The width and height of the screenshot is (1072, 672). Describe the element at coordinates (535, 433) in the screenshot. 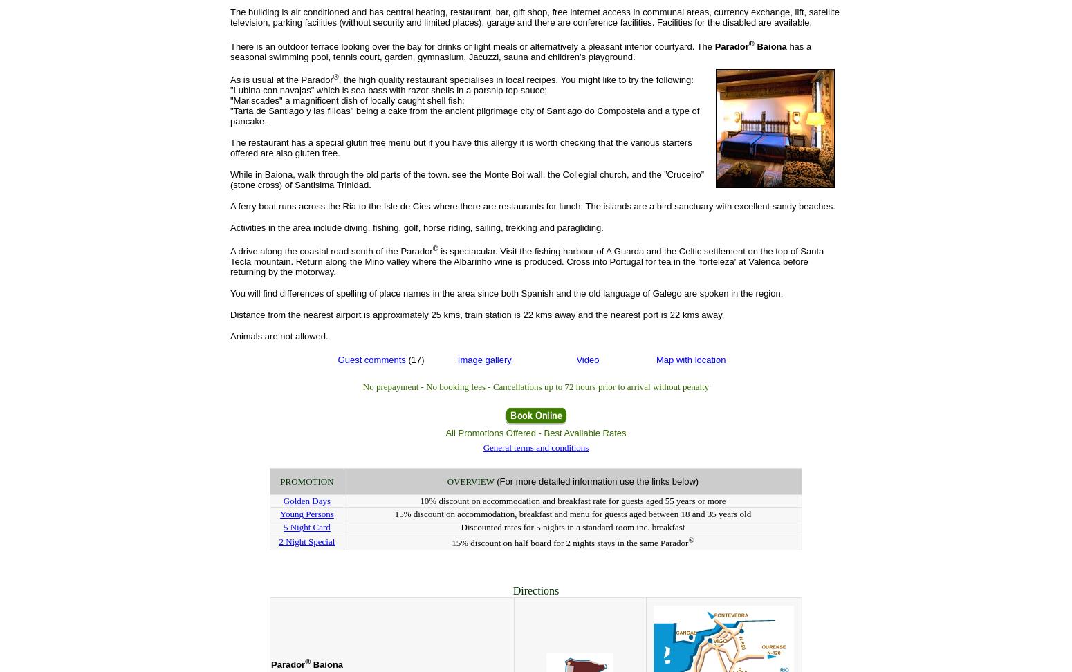

I see `'All Promotions Offered - Best Available Rates'` at that location.